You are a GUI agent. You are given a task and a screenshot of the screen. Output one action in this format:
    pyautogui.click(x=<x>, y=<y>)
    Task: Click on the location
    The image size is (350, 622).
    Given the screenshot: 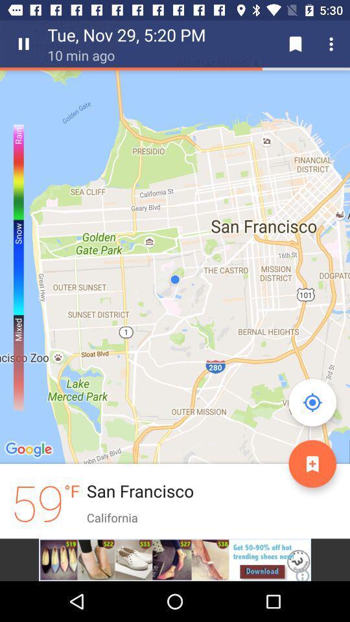 What is the action you would take?
    pyautogui.click(x=312, y=463)
    